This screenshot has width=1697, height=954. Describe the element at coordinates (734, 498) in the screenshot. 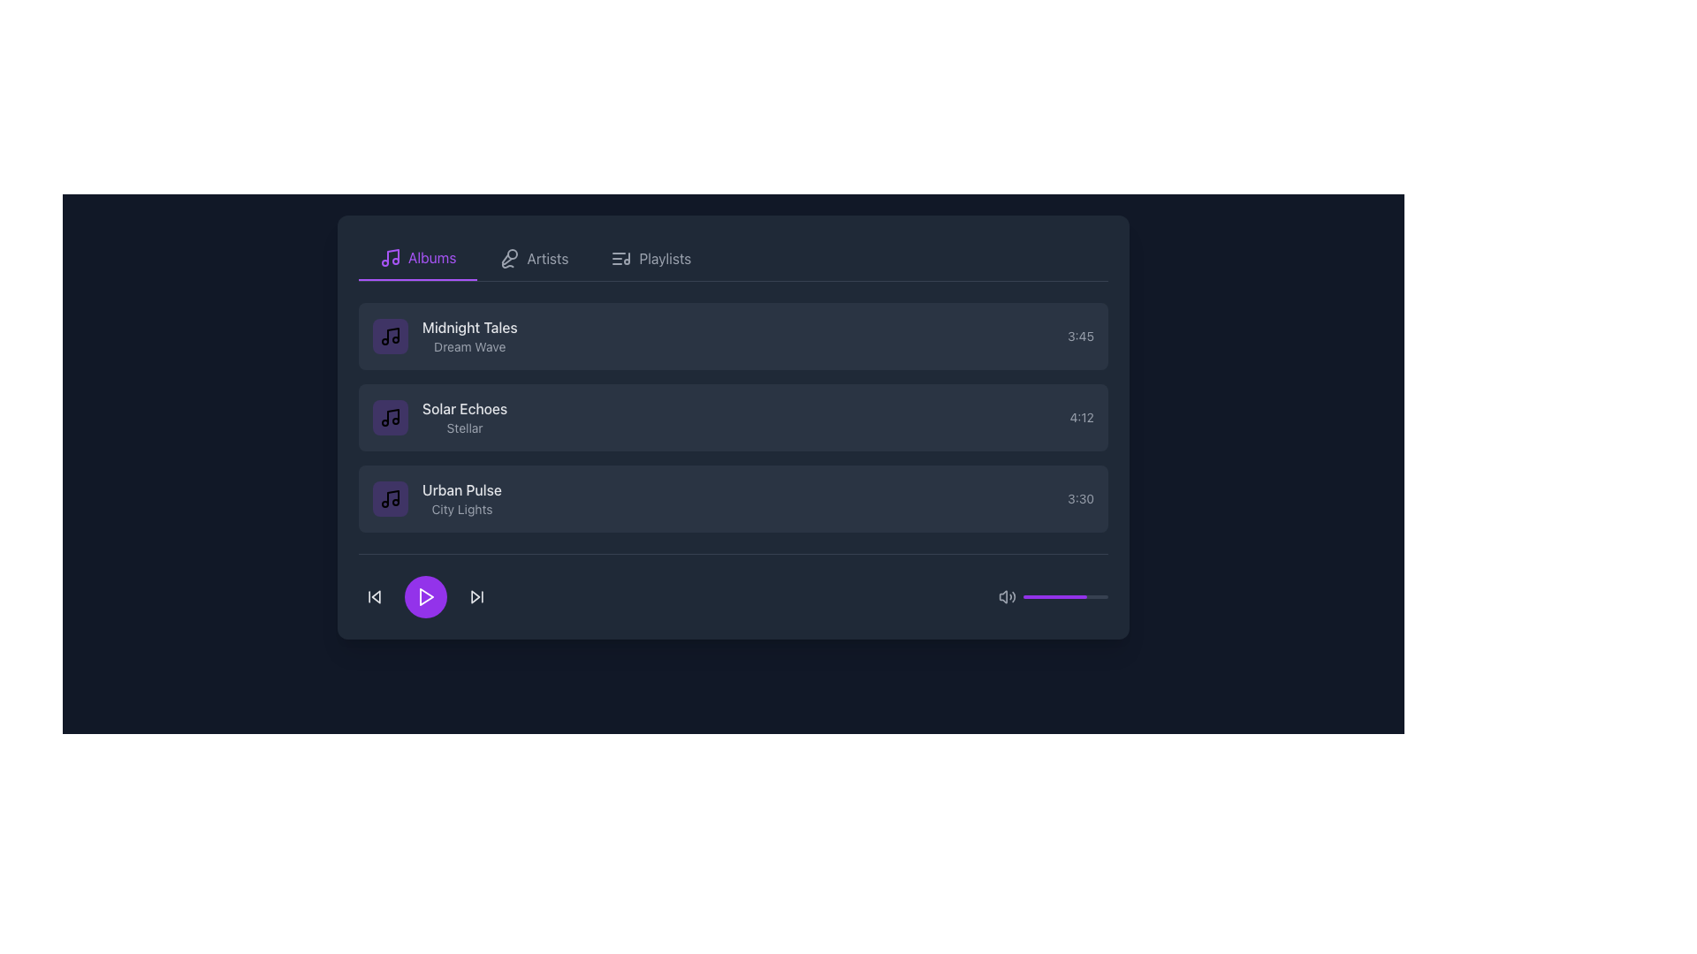

I see `the music track List Item (Track Card) displaying its title, subtitle, and duration, located as the third item in the list` at that location.